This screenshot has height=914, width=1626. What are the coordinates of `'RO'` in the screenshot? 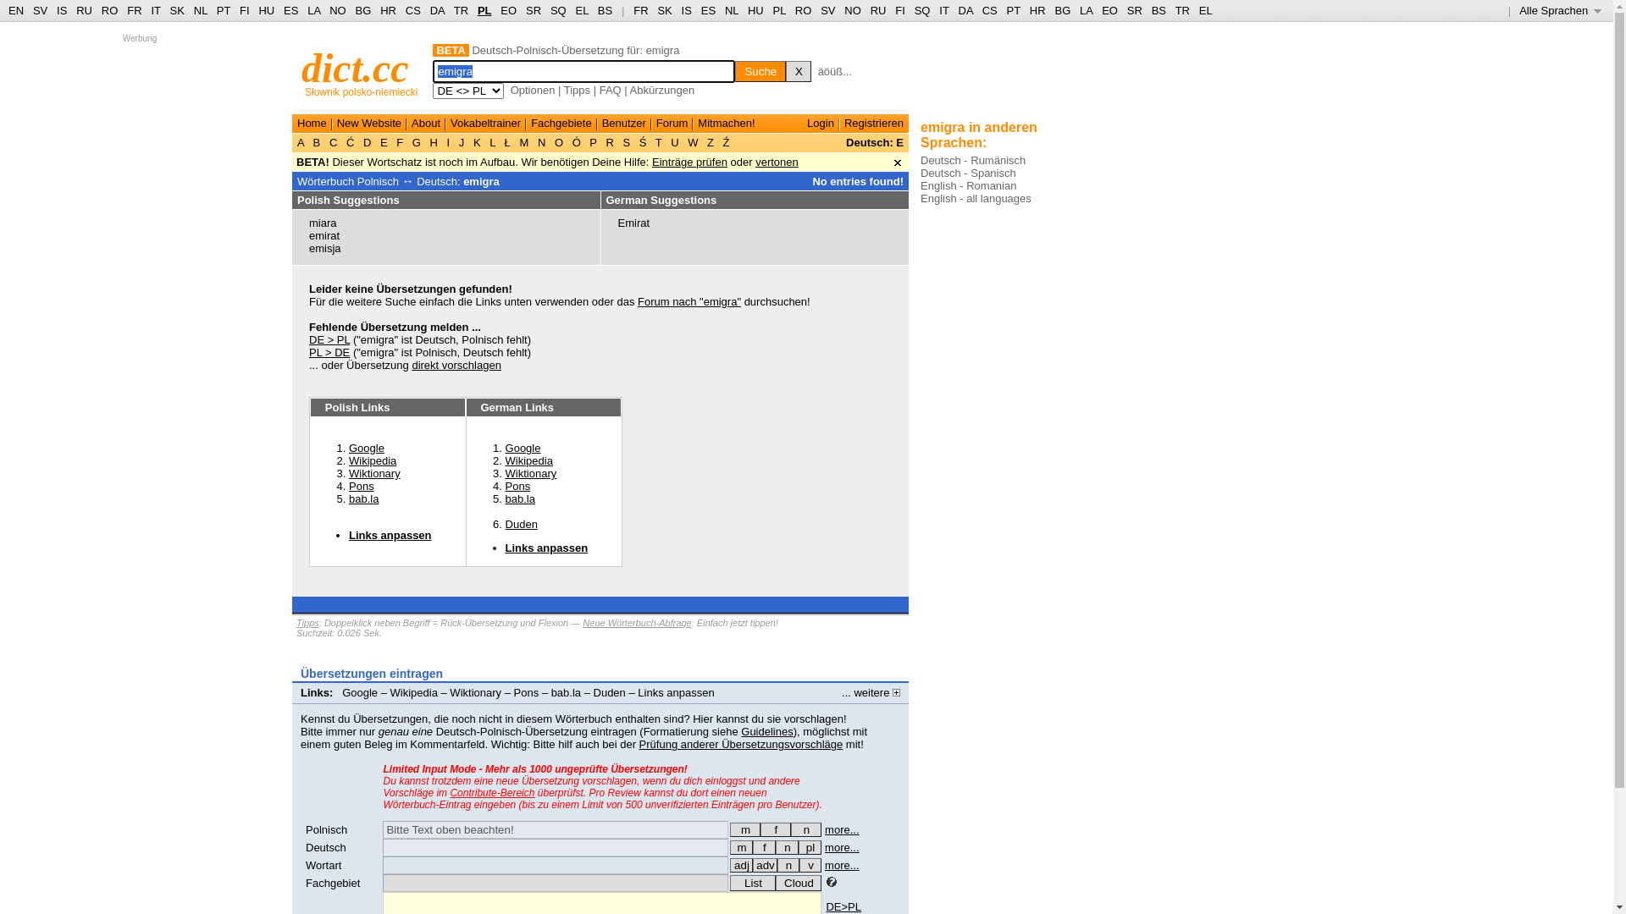 It's located at (108, 10).